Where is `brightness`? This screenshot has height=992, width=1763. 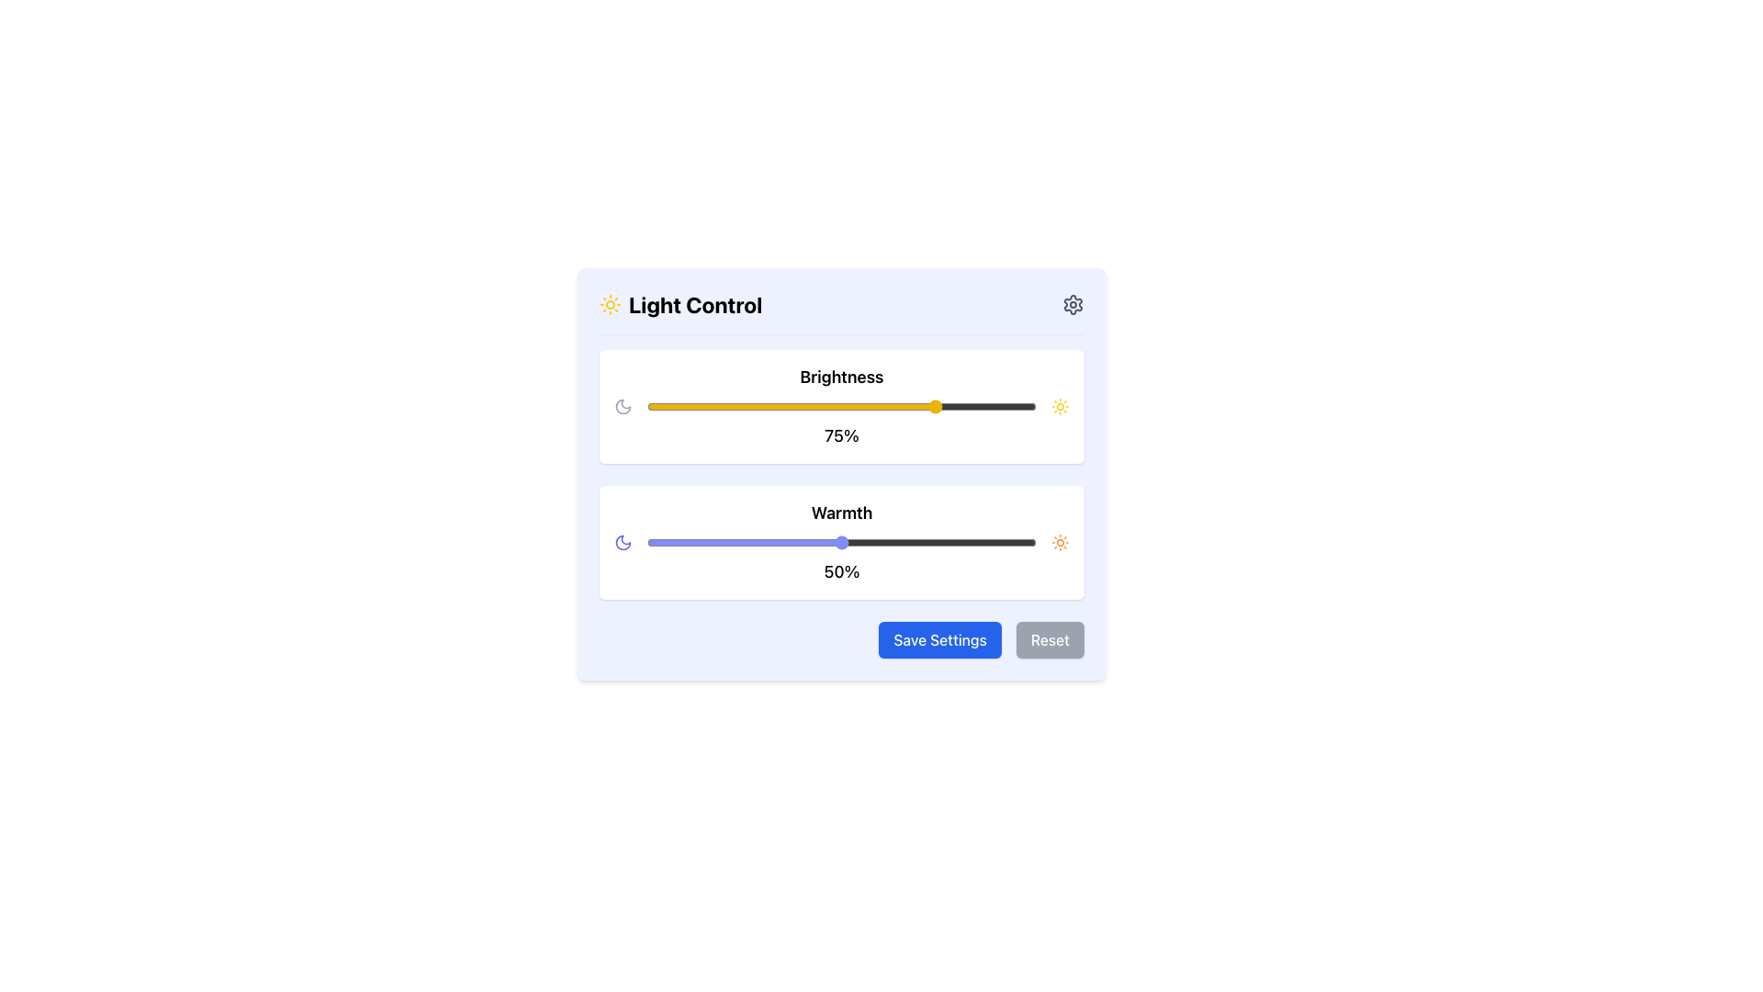 brightness is located at coordinates (1032, 406).